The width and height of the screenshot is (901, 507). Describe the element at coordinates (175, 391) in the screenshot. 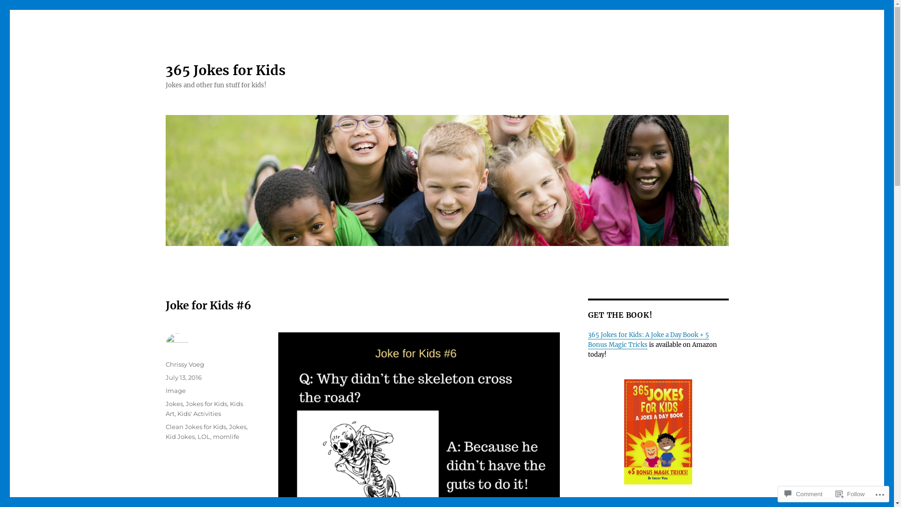

I see `'Image'` at that location.